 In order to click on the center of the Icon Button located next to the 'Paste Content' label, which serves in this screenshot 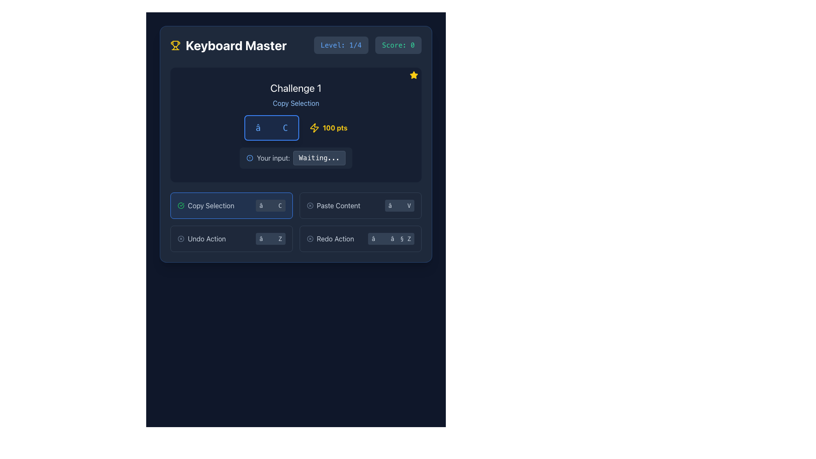, I will do `click(309, 205)`.